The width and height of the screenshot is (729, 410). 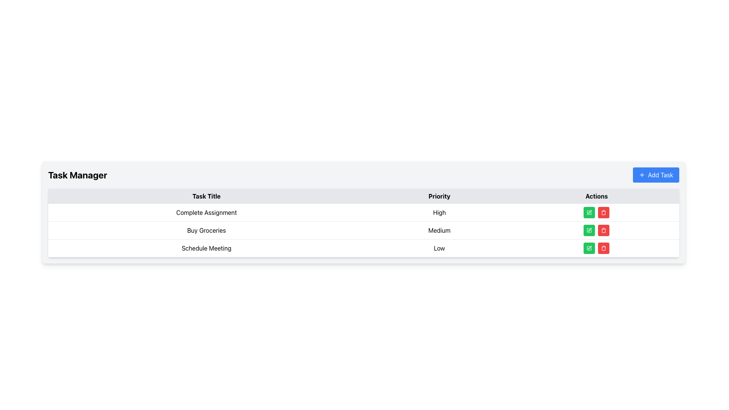 I want to click on the small red square-shaped delete button with a trash can icon in the 'Actions' column of the last row under 'Schedule Meeting', so click(x=603, y=212).